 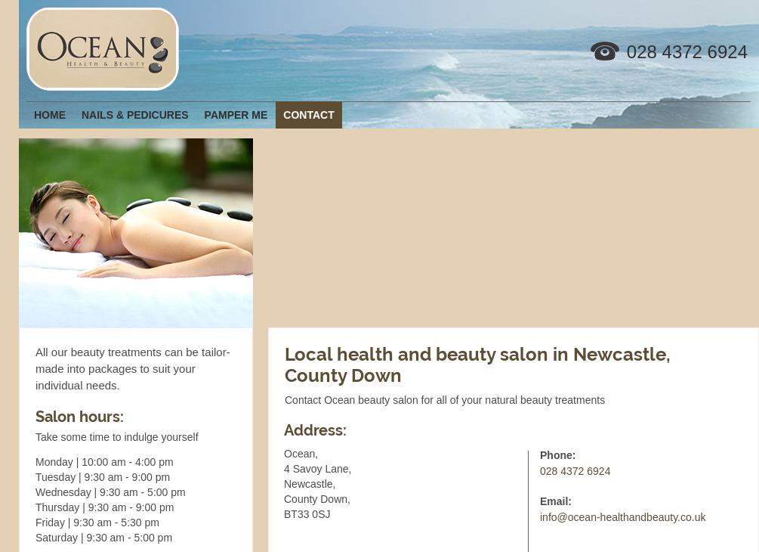 What do you see at coordinates (35, 477) in the screenshot?
I see `'Tuesday | 9:30 am - 9:00 pm'` at bounding box center [35, 477].